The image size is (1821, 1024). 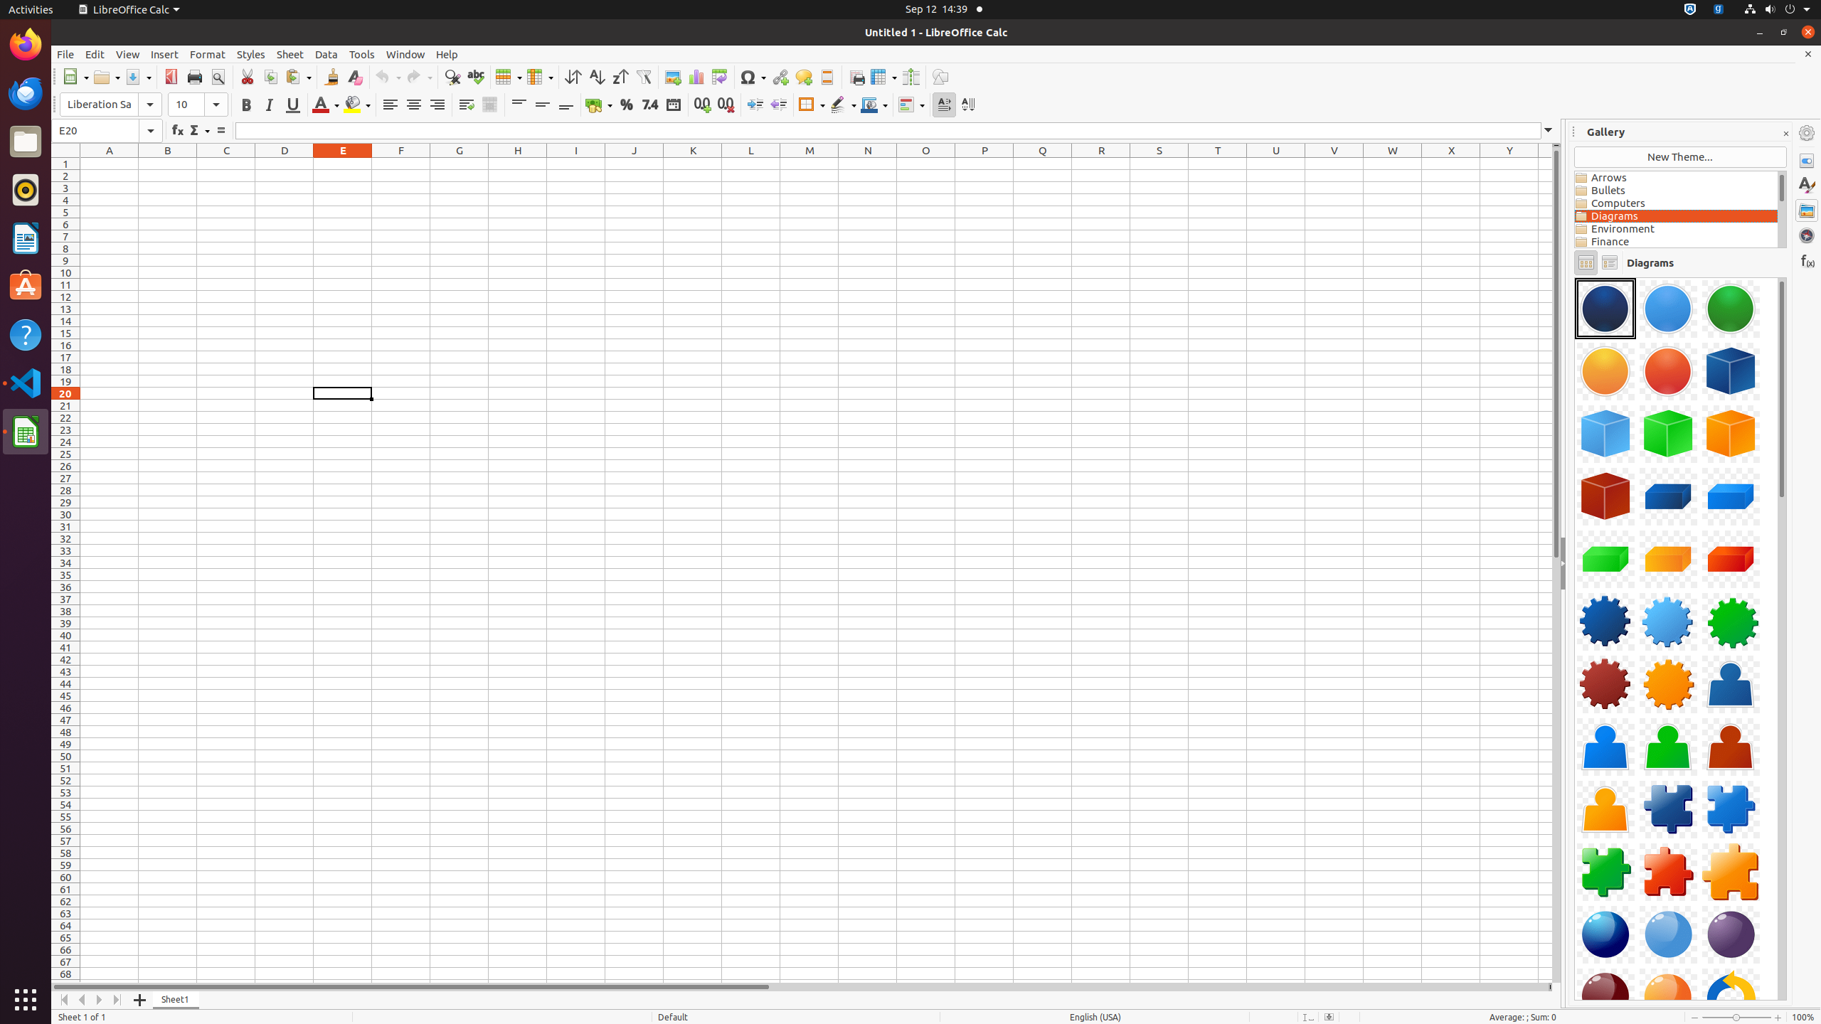 What do you see at coordinates (701, 104) in the screenshot?
I see `'Add Decimal Place'` at bounding box center [701, 104].